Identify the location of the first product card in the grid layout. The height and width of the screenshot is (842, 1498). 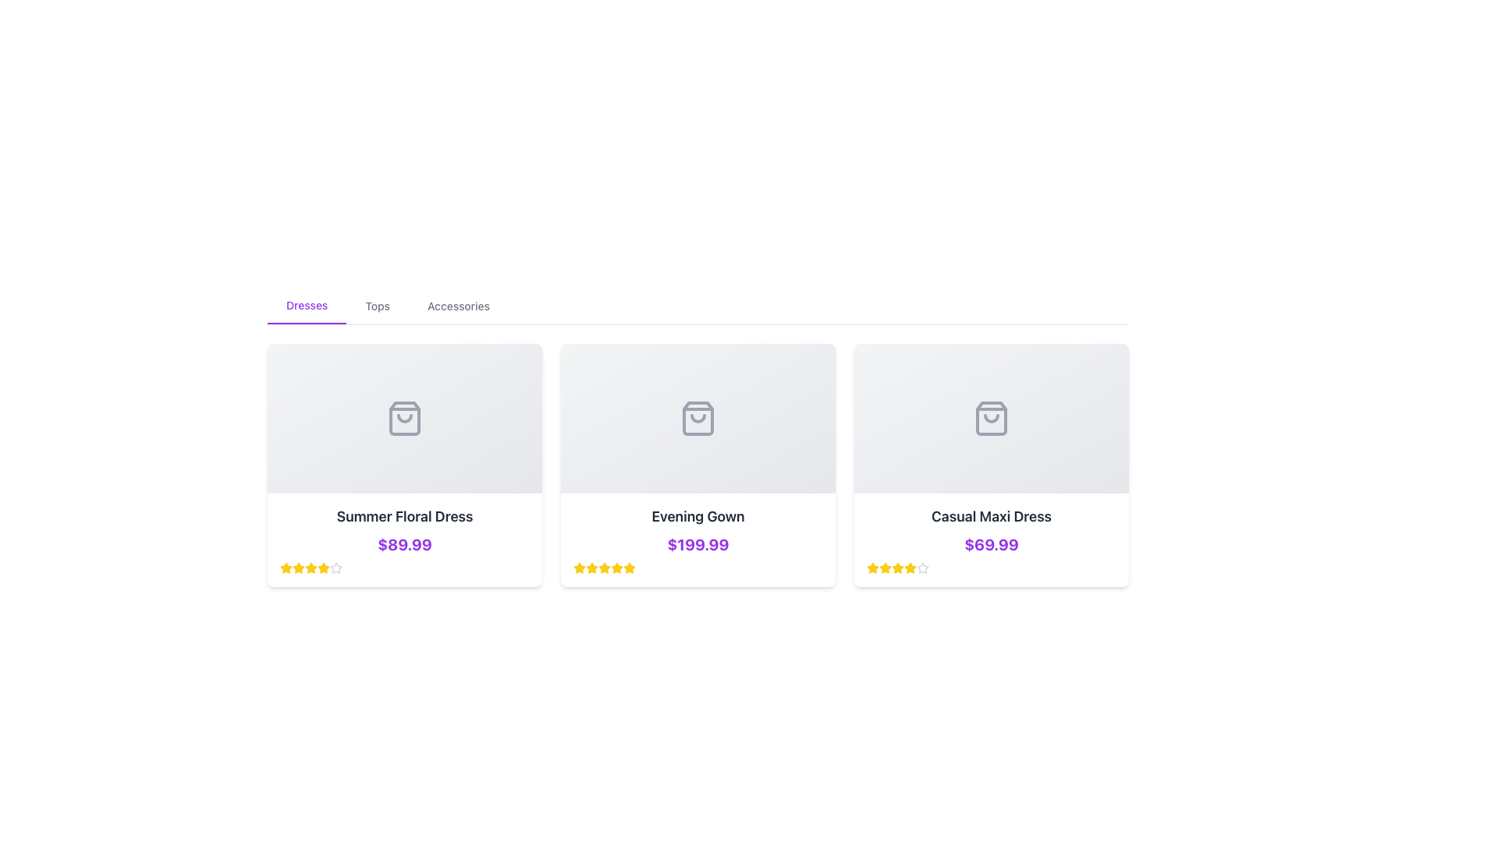
(404, 465).